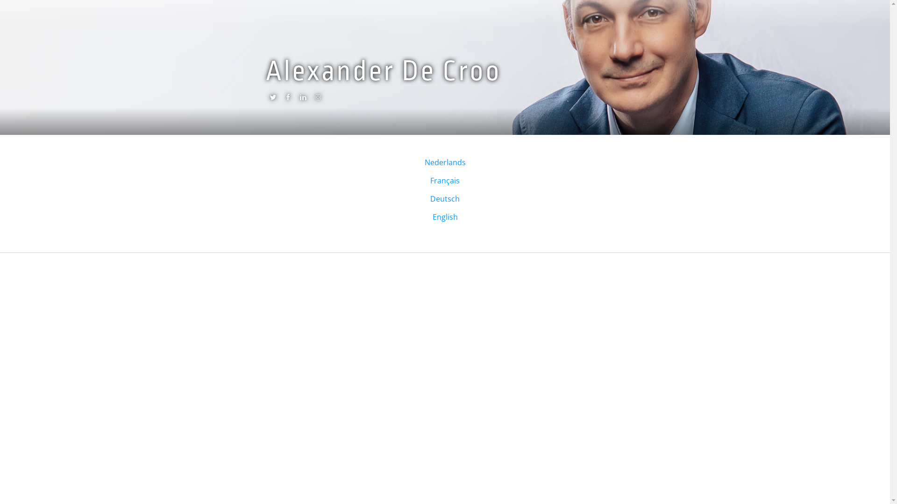  I want to click on 'Skip to main content', so click(36, 0).